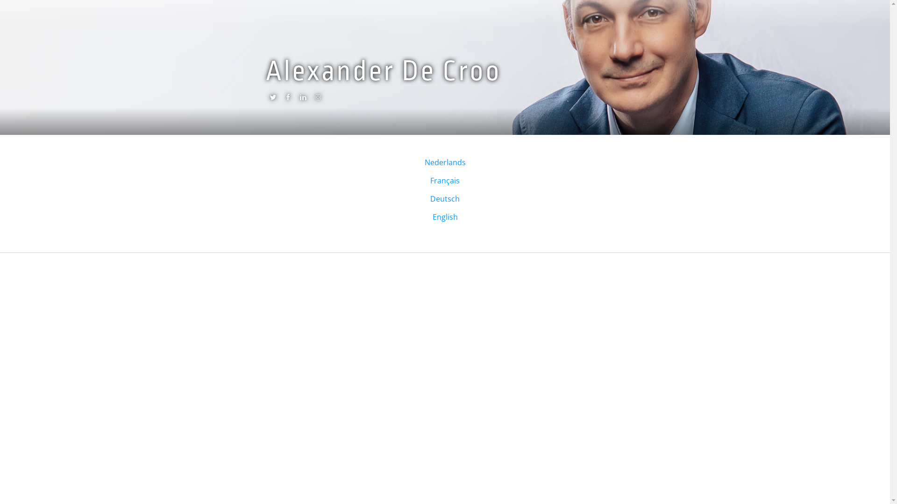  I want to click on 'Skip to main content', so click(36, 0).